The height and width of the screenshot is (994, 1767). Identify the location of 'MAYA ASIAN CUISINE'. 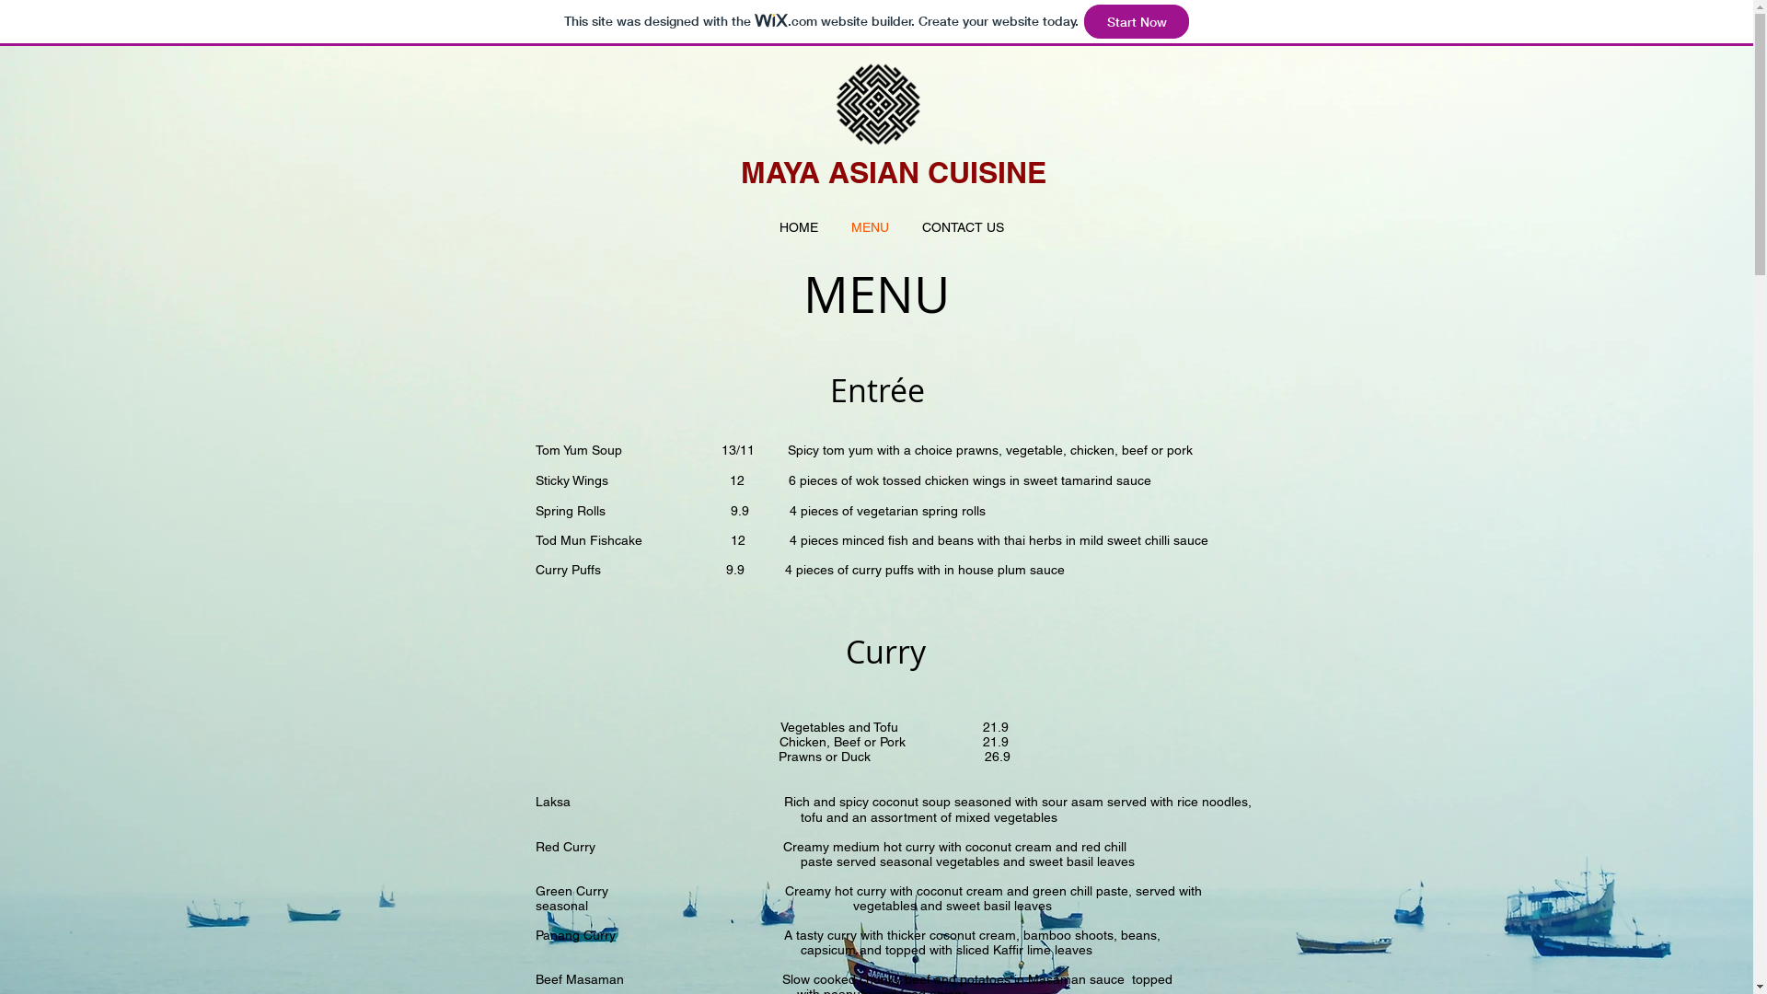
(892, 171).